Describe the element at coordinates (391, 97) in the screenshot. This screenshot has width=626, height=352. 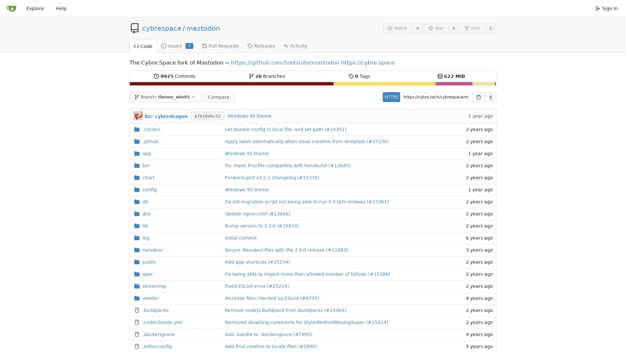
I see `HTTPS` at that location.